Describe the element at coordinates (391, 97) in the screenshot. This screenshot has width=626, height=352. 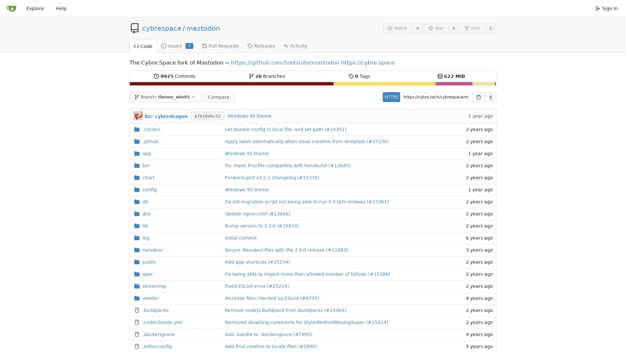
I see `HTTPS` at that location.